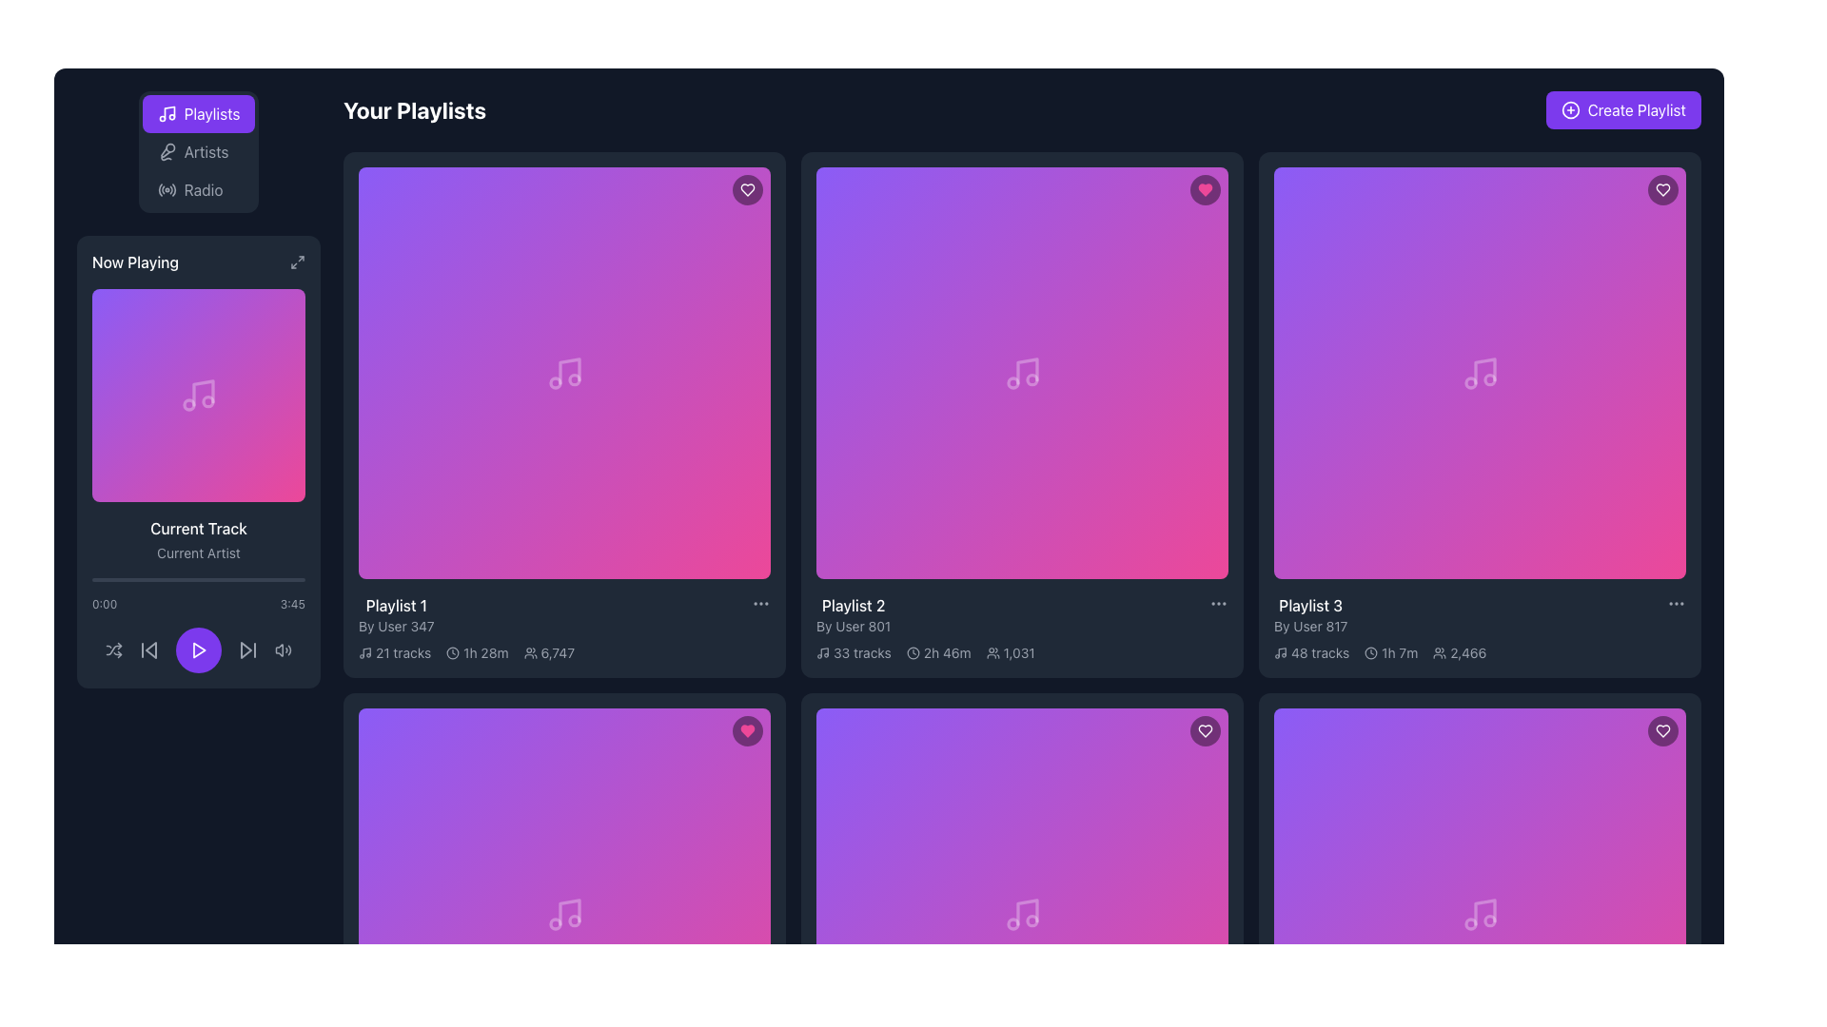 The width and height of the screenshot is (1827, 1027). Describe the element at coordinates (563, 373) in the screenshot. I see `the triangular play icon button with a violet gradient circle background located at the center of the first playlist card in the 'Your Playlists' grid to play the playlist` at that location.